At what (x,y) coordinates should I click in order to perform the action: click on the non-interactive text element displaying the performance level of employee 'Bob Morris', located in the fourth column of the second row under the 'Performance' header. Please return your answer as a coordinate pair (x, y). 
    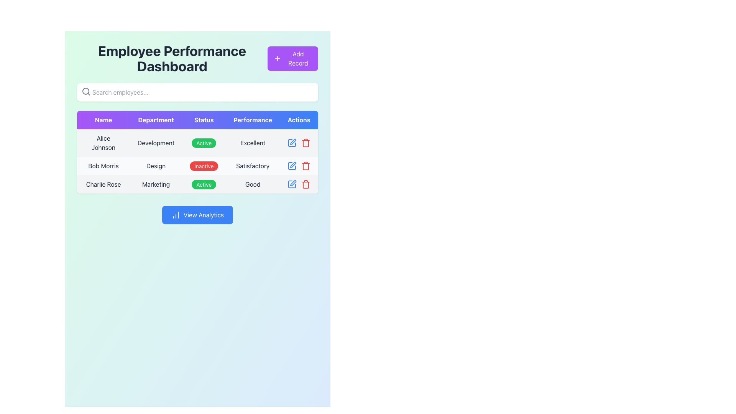
    Looking at the image, I should click on (253, 165).